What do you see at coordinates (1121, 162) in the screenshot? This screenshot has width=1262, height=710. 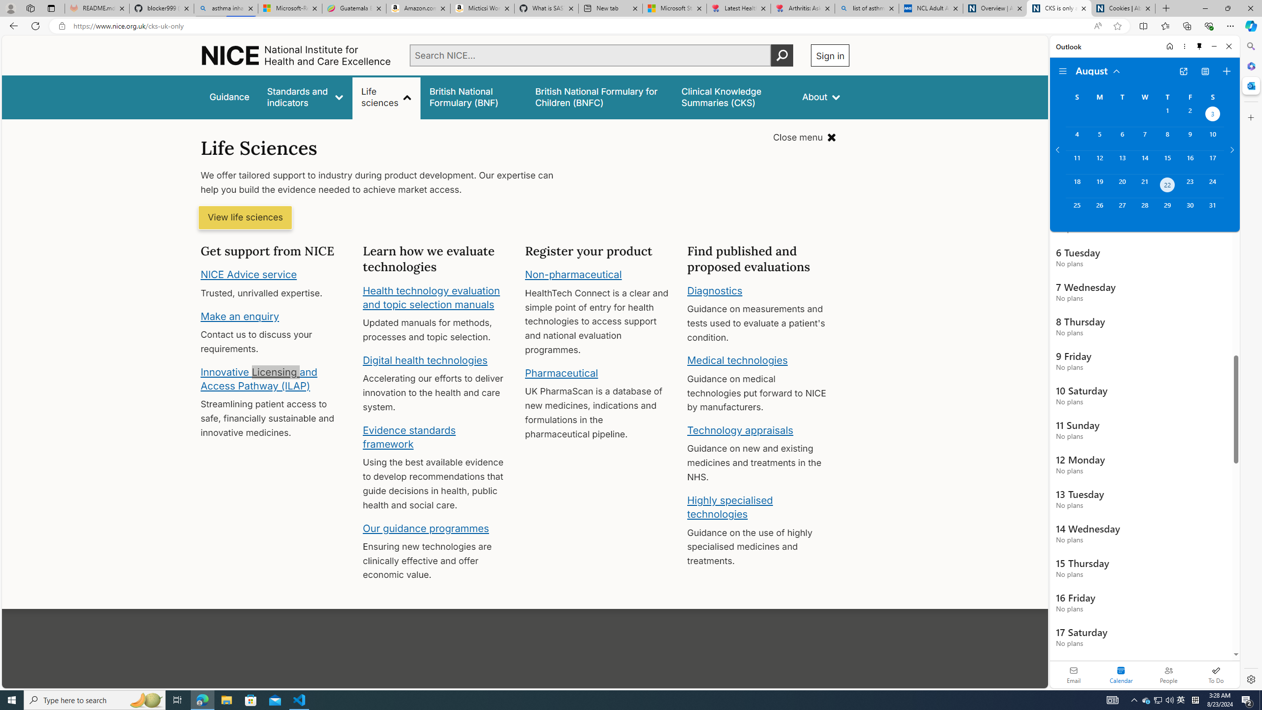 I see `'Tuesday, August 13, 2024. '` at bounding box center [1121, 162].